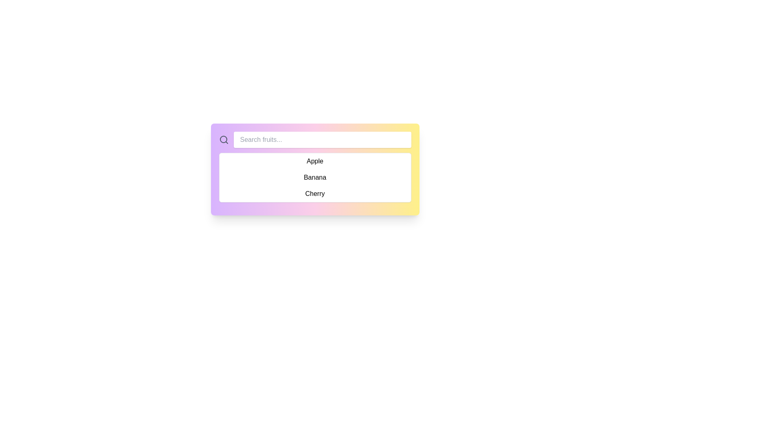 The image size is (782, 439). Describe the element at coordinates (224, 139) in the screenshot. I see `the search icon, which is the leftmost element in a horizontal layout, to trigger the search functionality` at that location.